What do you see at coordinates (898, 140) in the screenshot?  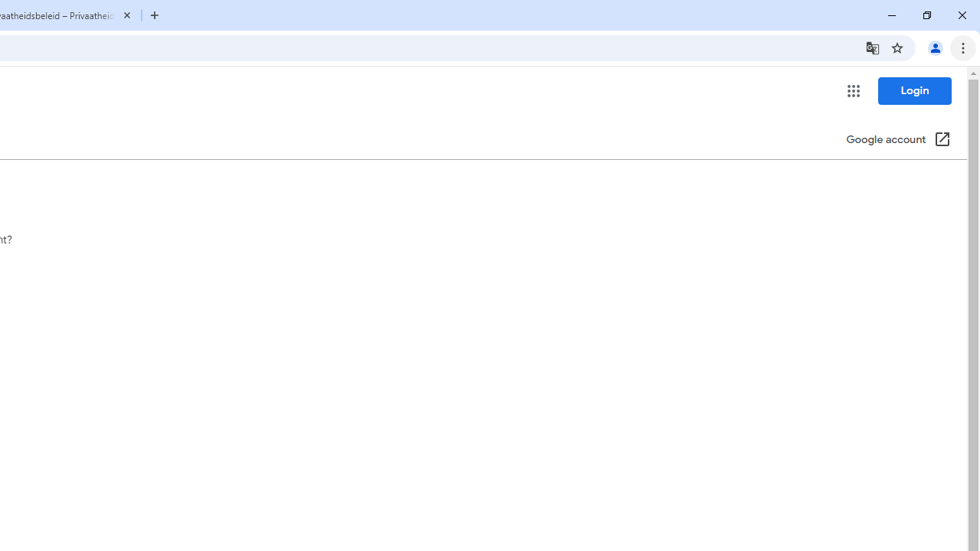 I see `'Google Account (Opens in new window)'` at bounding box center [898, 140].